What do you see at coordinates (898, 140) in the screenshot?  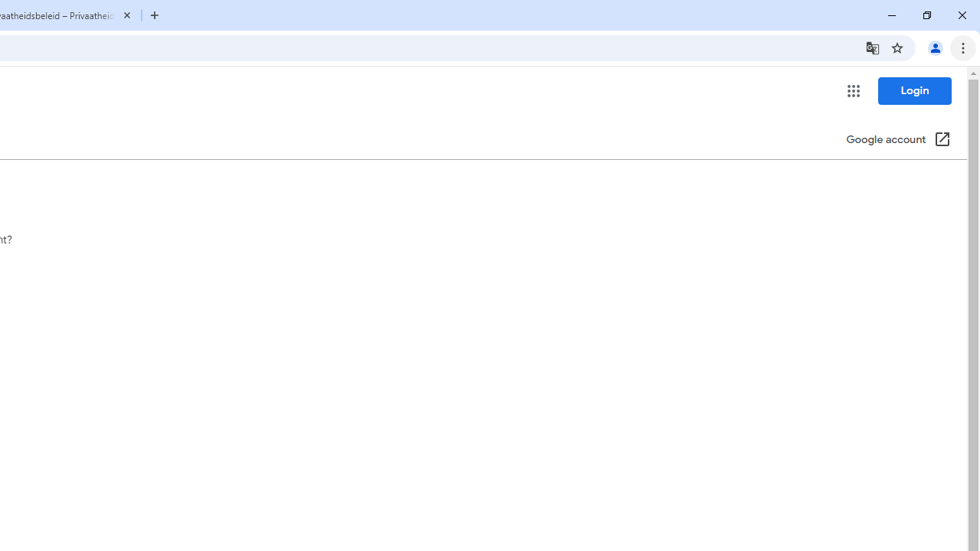 I see `'Google Account (Opens in new window)'` at bounding box center [898, 140].